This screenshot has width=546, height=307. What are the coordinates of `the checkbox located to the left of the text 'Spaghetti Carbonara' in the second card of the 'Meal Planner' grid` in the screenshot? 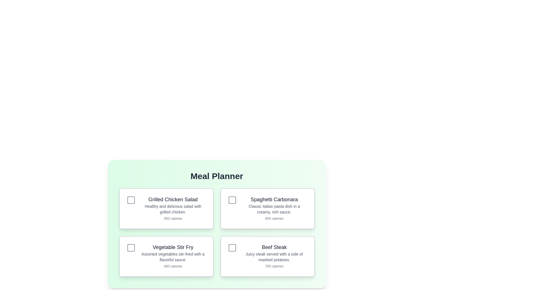 It's located at (232, 200).